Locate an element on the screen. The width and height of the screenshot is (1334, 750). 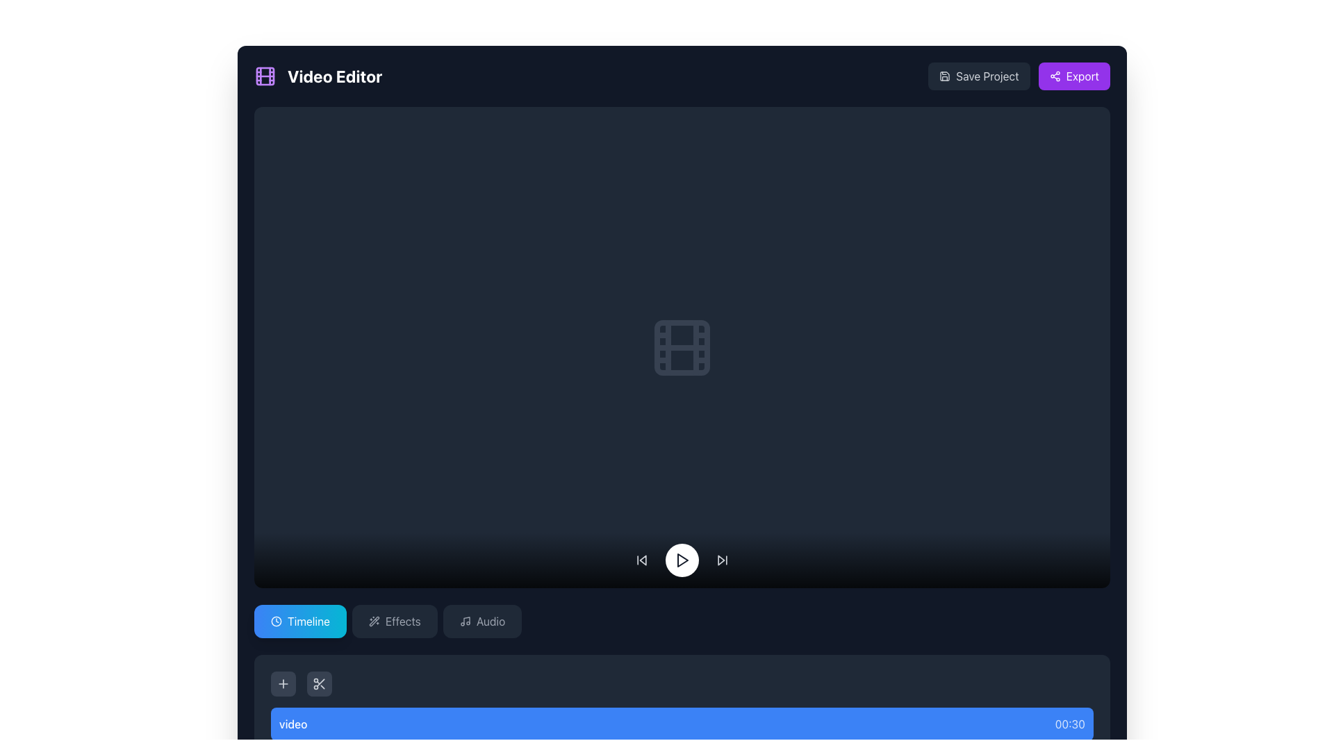
the middle button that accesses the Effects section of the application is located at coordinates (394, 620).